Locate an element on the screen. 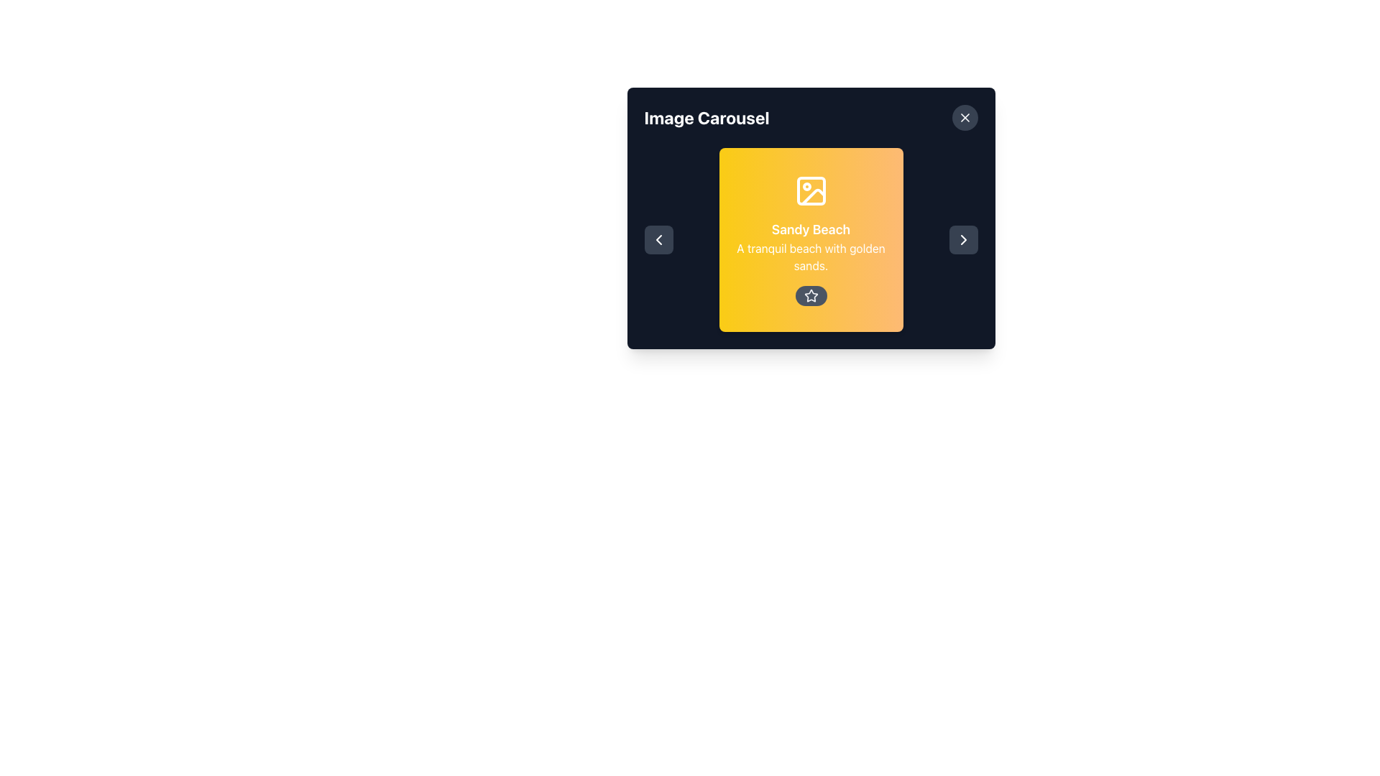  the Text Label element that serves as the title or label for the card, located within the gradient panel, positioned near its vertical center and slightly above the accompanying descriptive text, directly underneath the image icon is located at coordinates (811, 229).